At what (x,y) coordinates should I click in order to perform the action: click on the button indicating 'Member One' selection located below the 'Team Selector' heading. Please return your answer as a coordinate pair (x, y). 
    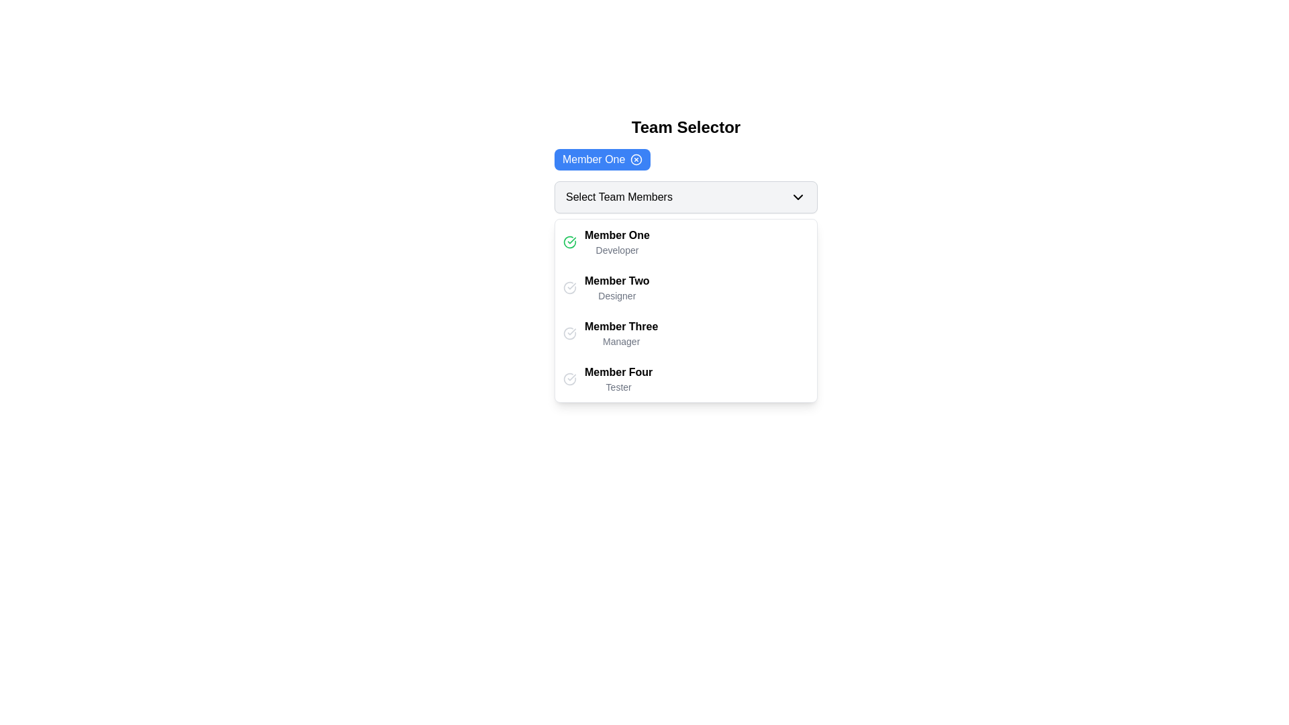
    Looking at the image, I should click on (602, 159).